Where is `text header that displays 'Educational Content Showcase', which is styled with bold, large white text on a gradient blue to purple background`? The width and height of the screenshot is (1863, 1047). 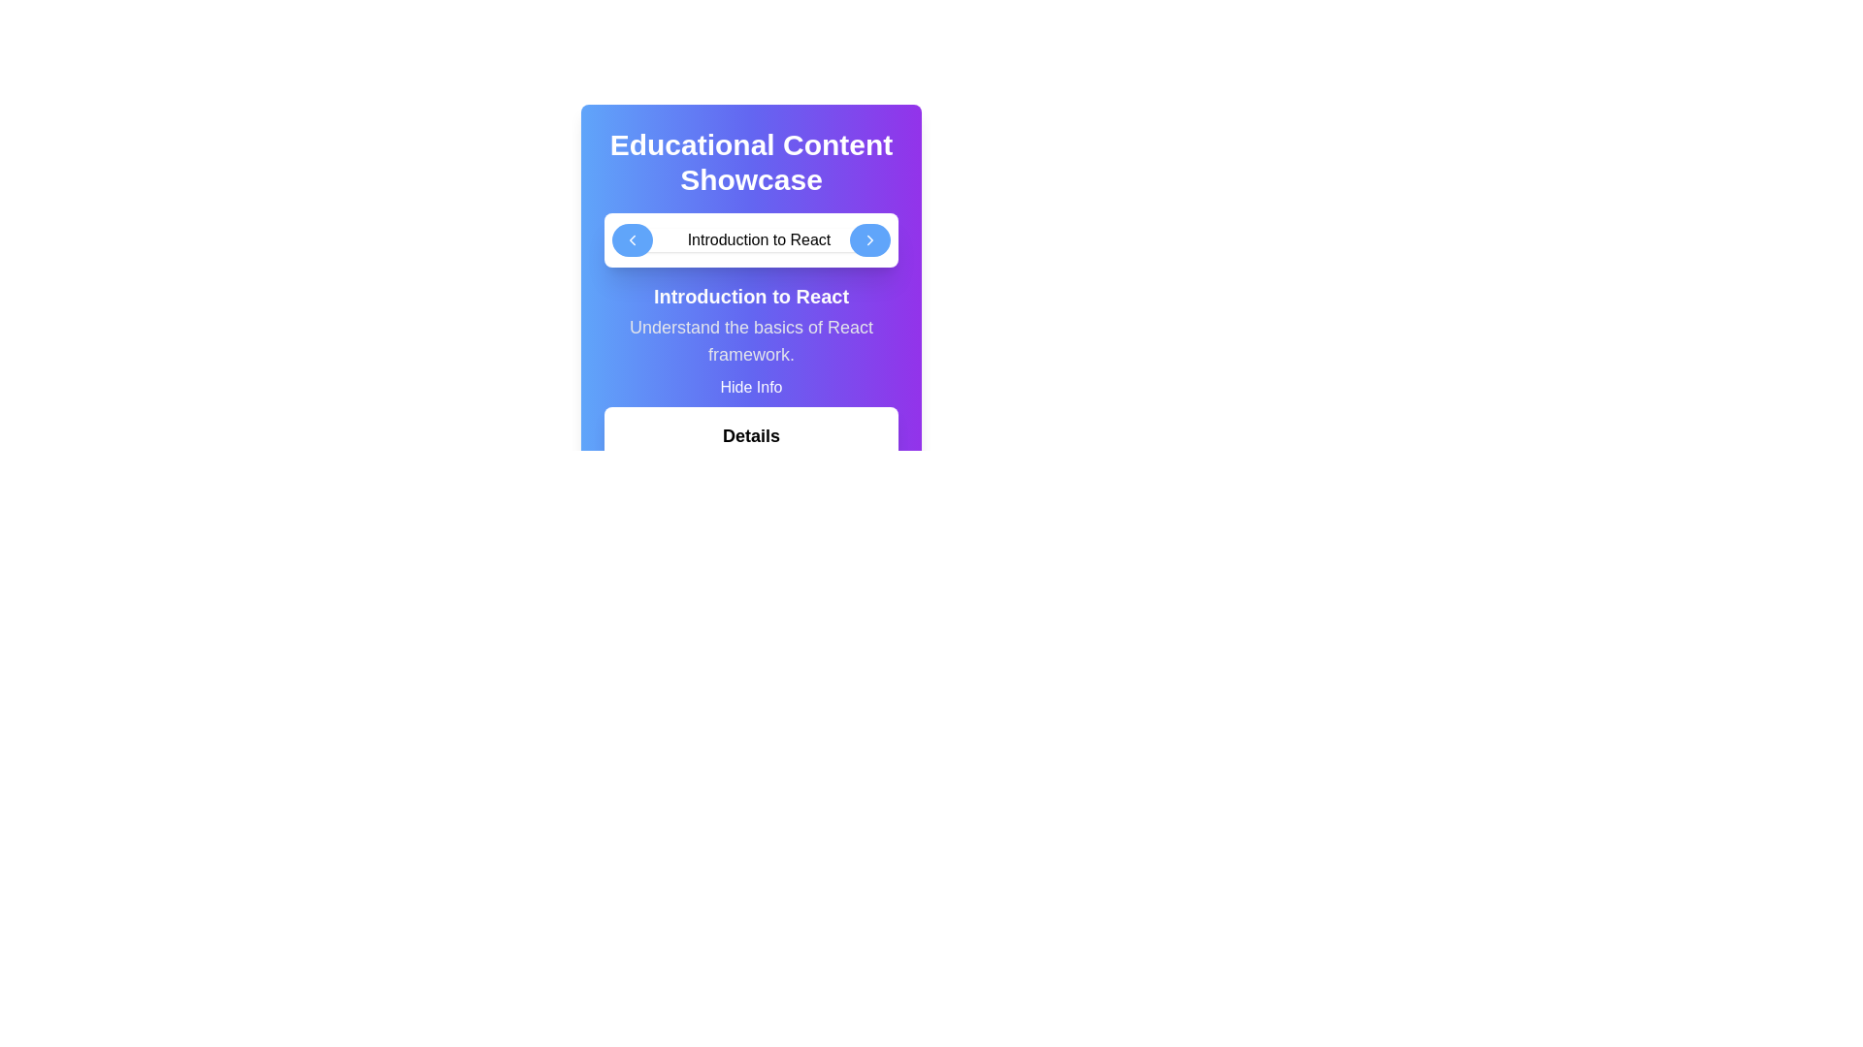
text header that displays 'Educational Content Showcase', which is styled with bold, large white text on a gradient blue to purple background is located at coordinates (750, 162).